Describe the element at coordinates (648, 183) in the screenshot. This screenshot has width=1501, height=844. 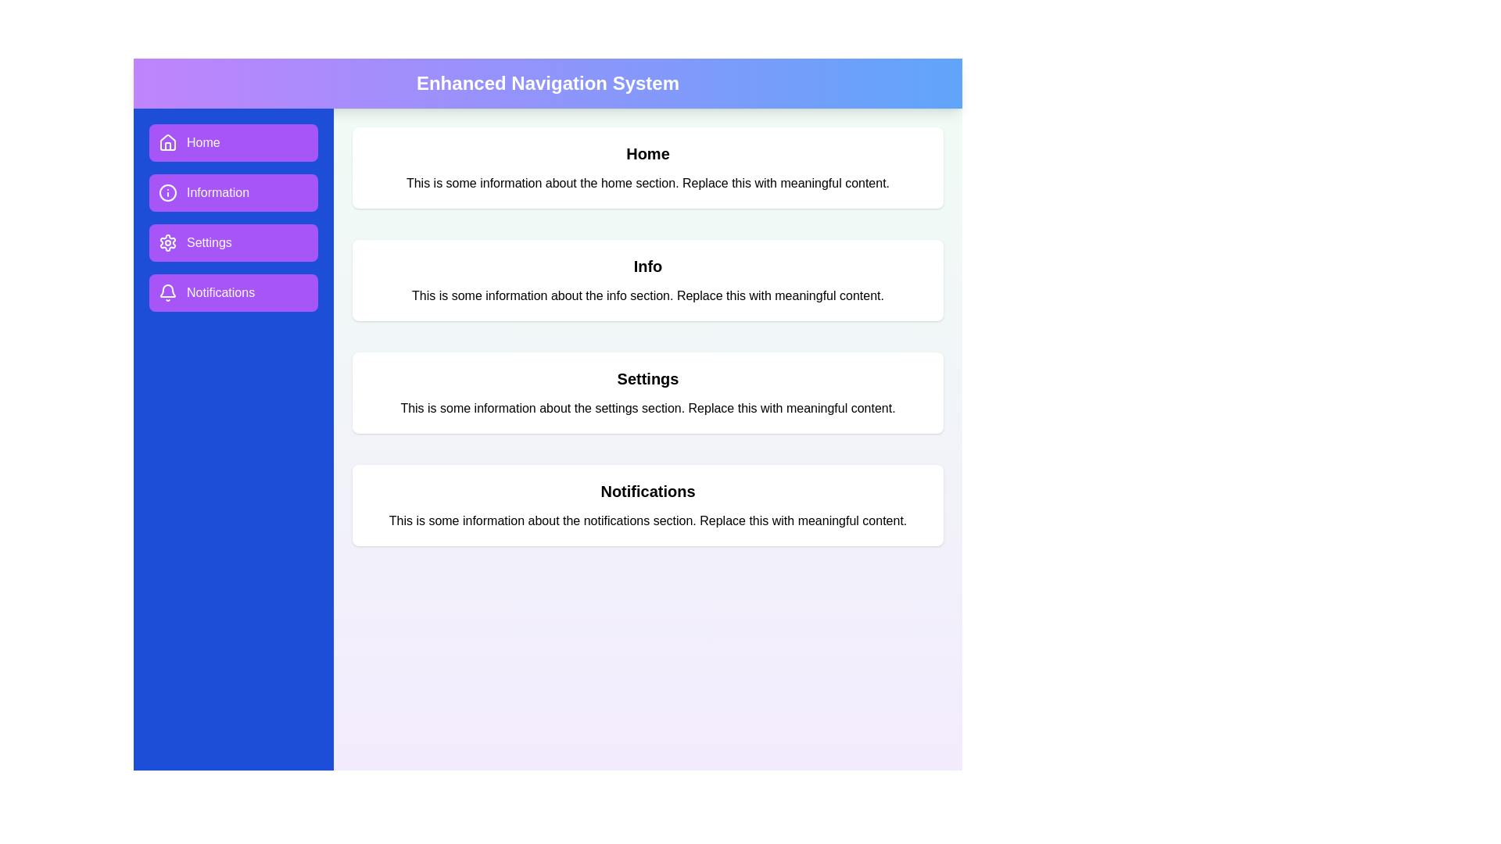
I see `the text element that reads 'This is some information about the home section. Replace this with meaningful content.' which is located below the 'Home' heading` at that location.